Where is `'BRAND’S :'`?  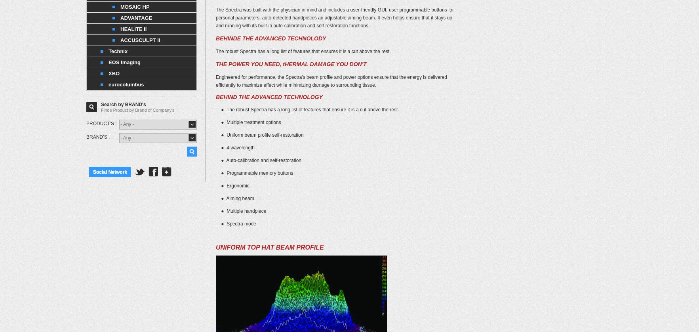
'BRAND’S :' is located at coordinates (97, 136).